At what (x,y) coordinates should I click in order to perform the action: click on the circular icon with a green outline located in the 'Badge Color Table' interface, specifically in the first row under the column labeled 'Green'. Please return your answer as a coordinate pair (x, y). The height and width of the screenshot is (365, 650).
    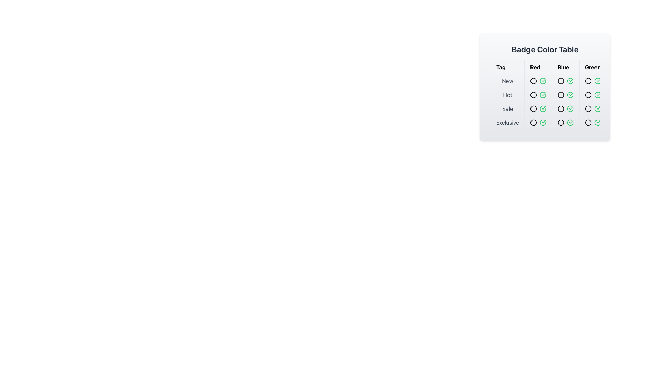
    Looking at the image, I should click on (588, 80).